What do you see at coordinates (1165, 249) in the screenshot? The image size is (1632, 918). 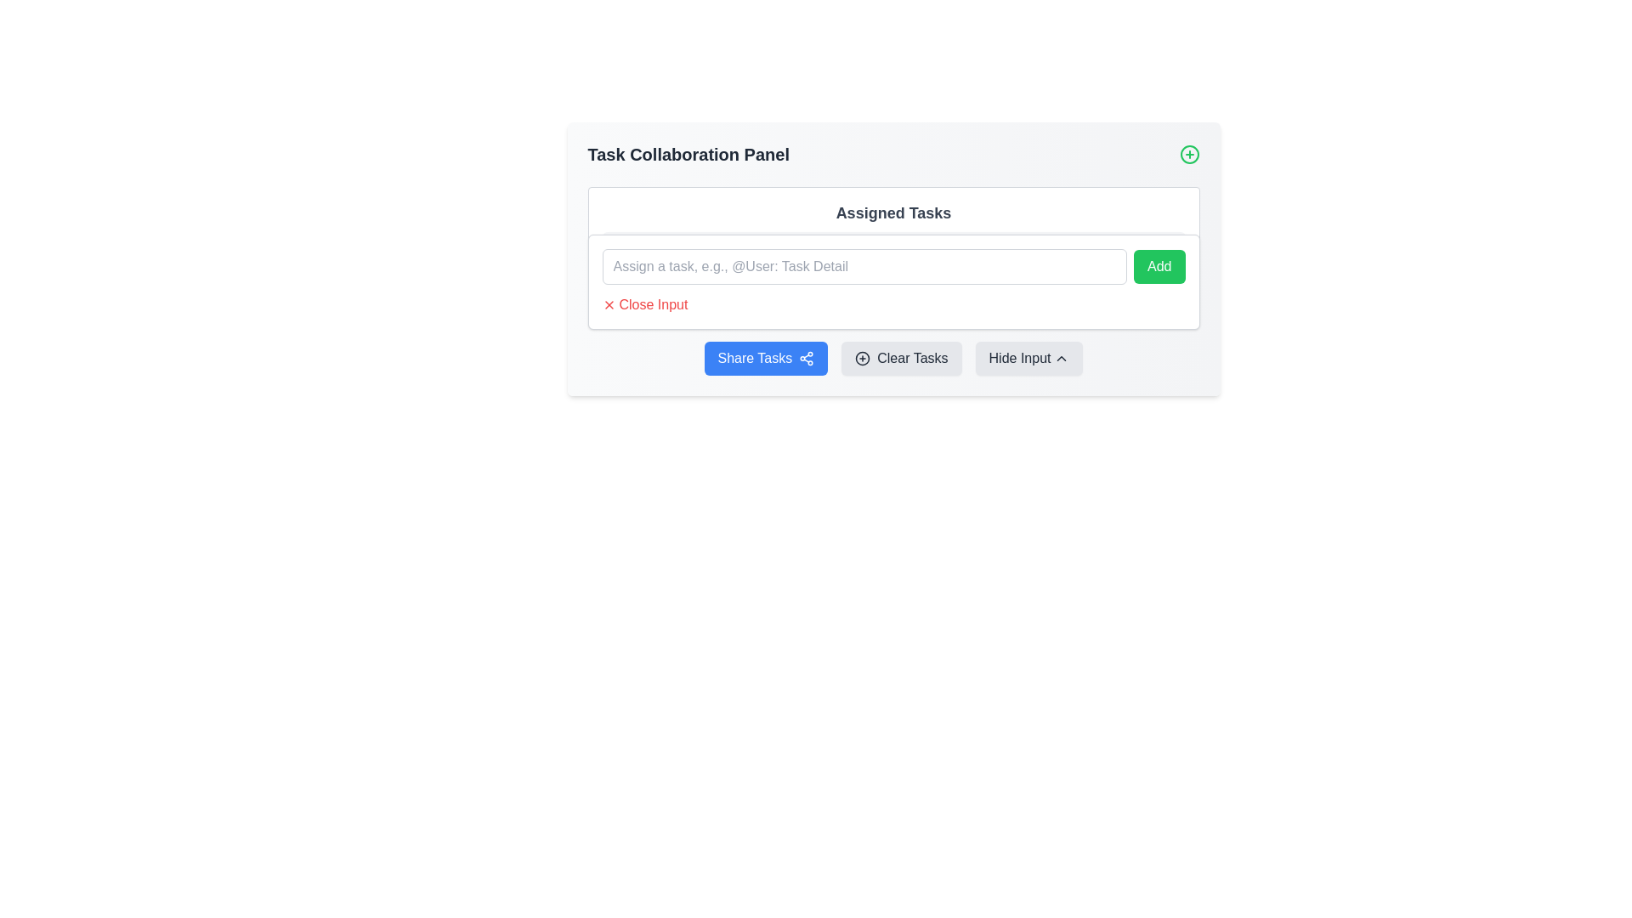 I see `the small, square-shaped segment with rounded edges that is part of the document icon in the top-right corner of the interface, adjacent to the 'Assigned Tasks' input box and 'Add' button` at bounding box center [1165, 249].